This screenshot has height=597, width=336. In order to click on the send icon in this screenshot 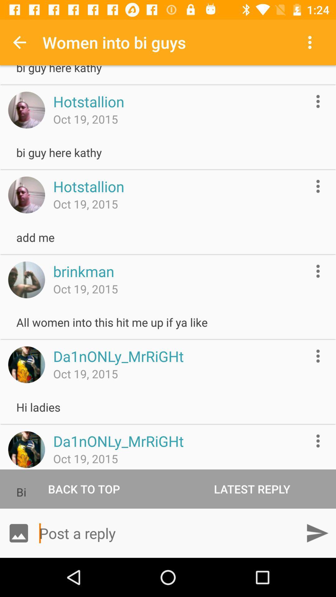, I will do `click(317, 533)`.